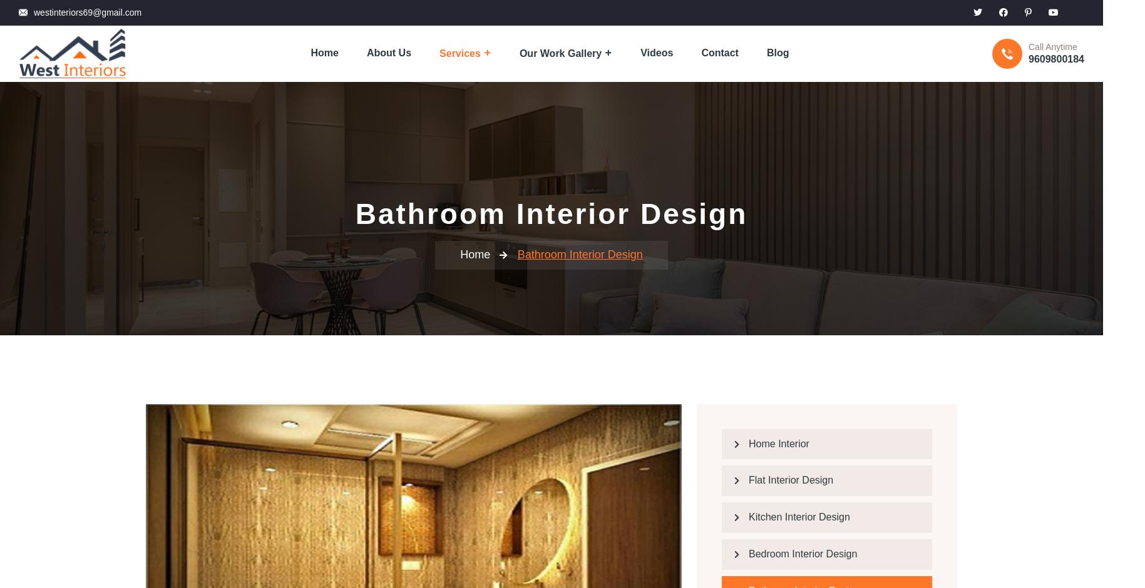  What do you see at coordinates (192, 290) in the screenshot?
I see `'On Time Work'` at bounding box center [192, 290].